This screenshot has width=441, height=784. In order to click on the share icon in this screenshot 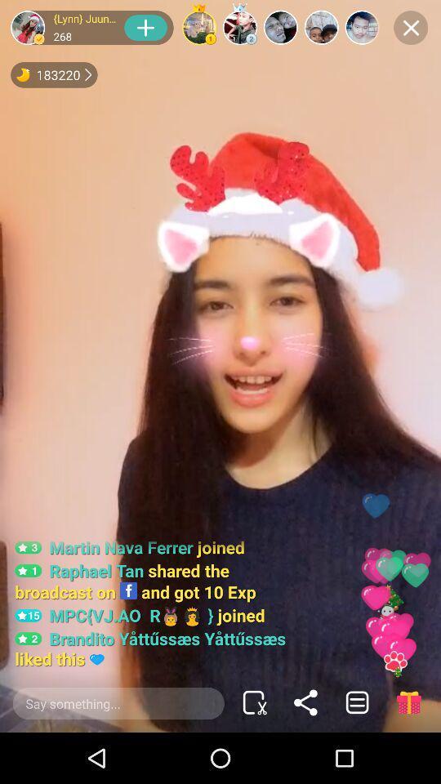, I will do `click(305, 702)`.